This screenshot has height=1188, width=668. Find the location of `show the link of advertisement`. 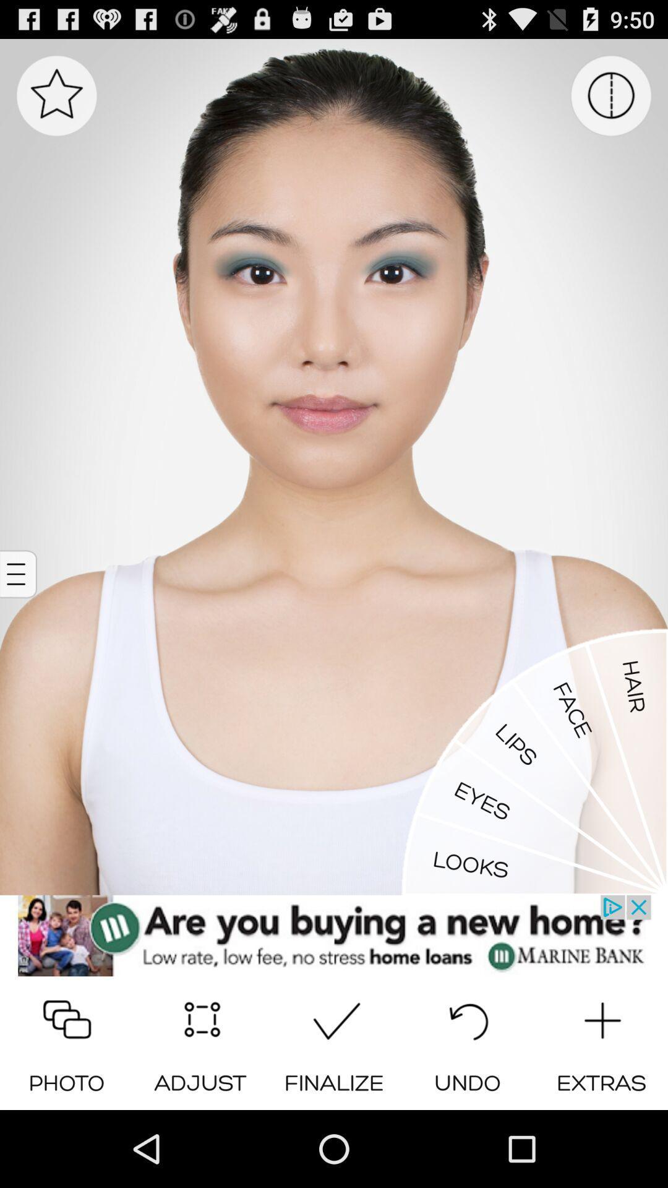

show the link of advertisement is located at coordinates (334, 936).